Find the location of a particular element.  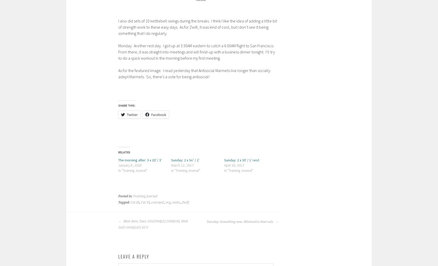

'Cat VI' is located at coordinates (141, 202).